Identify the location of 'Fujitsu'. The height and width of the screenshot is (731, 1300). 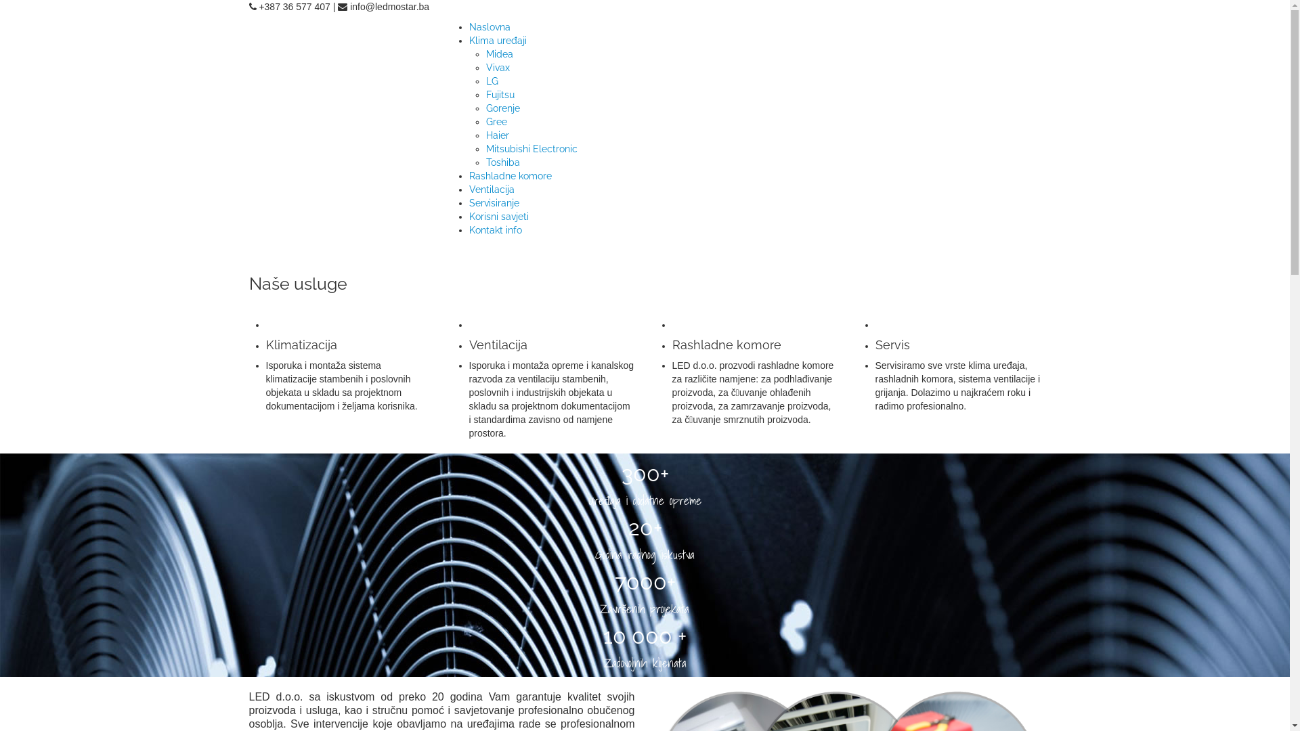
(486, 93).